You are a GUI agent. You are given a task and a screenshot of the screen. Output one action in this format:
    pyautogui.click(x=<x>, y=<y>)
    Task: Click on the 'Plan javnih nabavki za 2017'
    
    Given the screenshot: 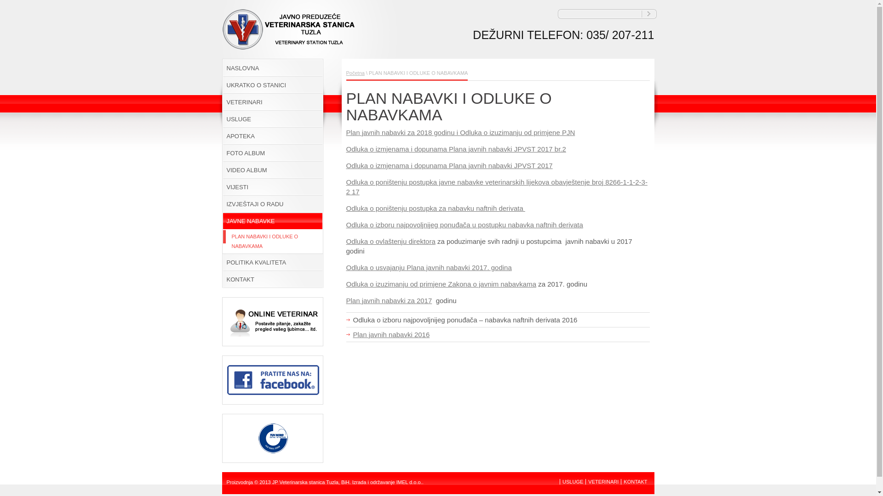 What is the action you would take?
    pyautogui.click(x=389, y=300)
    